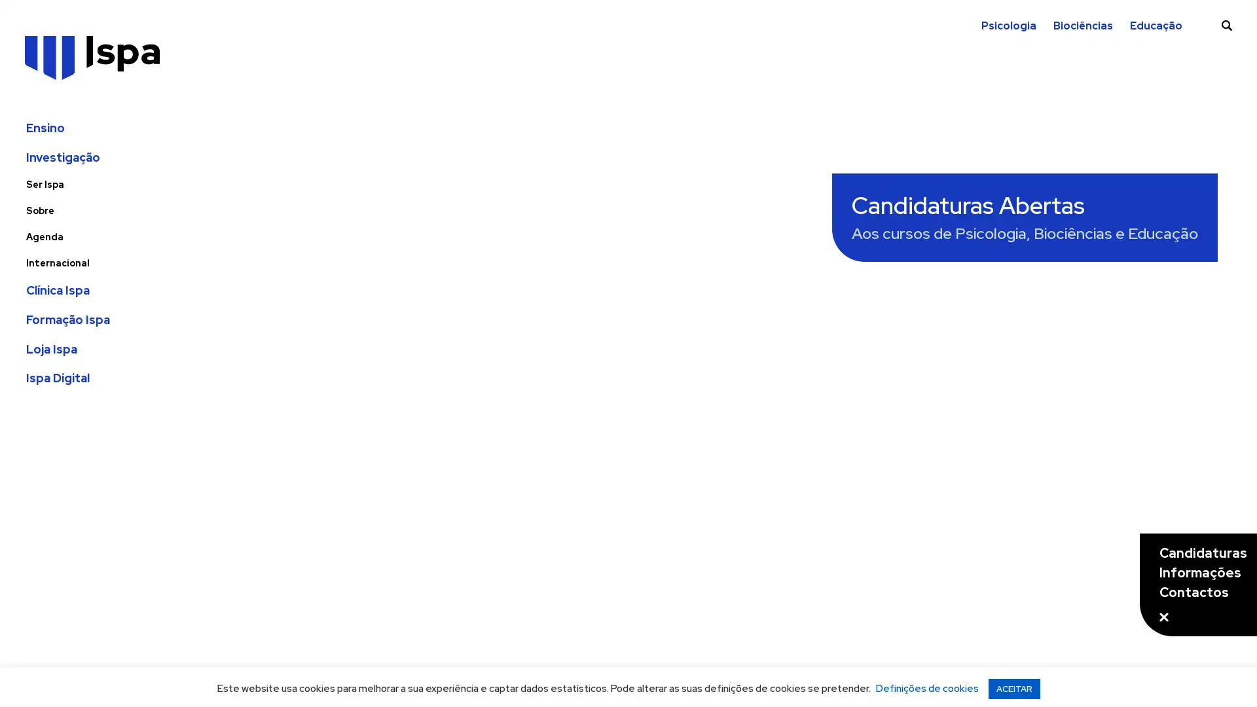 This screenshot has width=1257, height=707. I want to click on ACEITAR, so click(1013, 688).